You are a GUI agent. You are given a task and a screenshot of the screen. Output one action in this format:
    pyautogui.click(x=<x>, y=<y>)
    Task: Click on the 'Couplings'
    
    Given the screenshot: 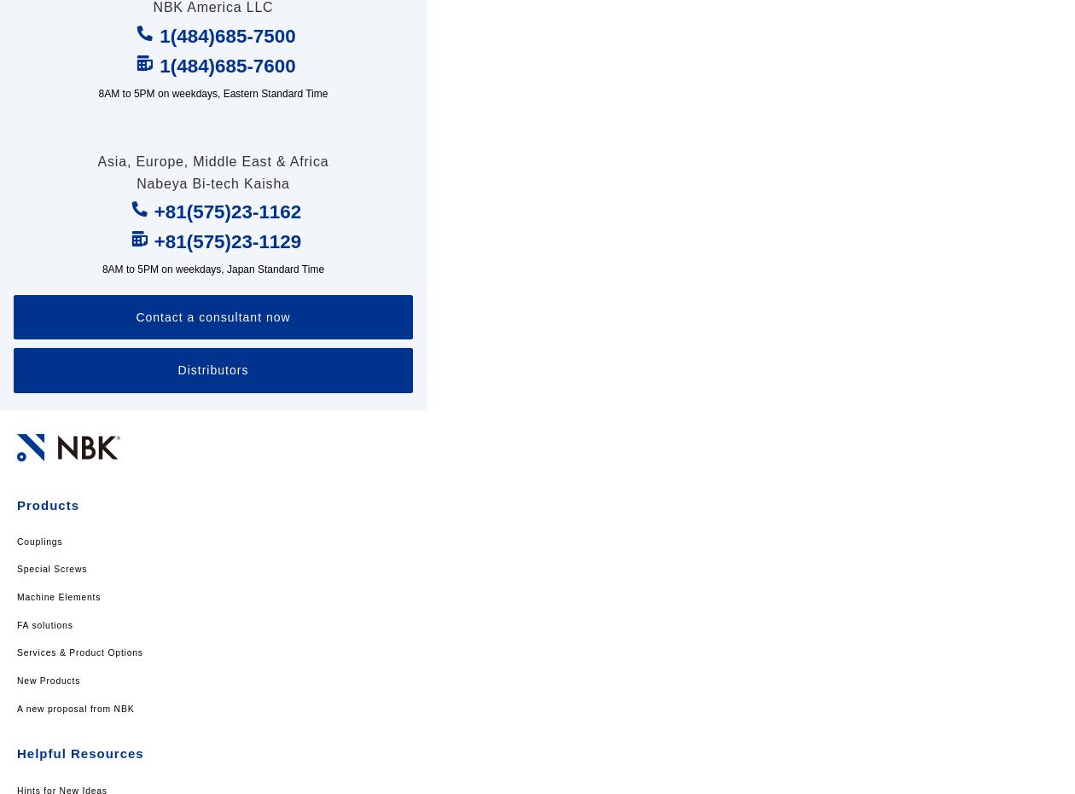 What is the action you would take?
    pyautogui.click(x=39, y=541)
    